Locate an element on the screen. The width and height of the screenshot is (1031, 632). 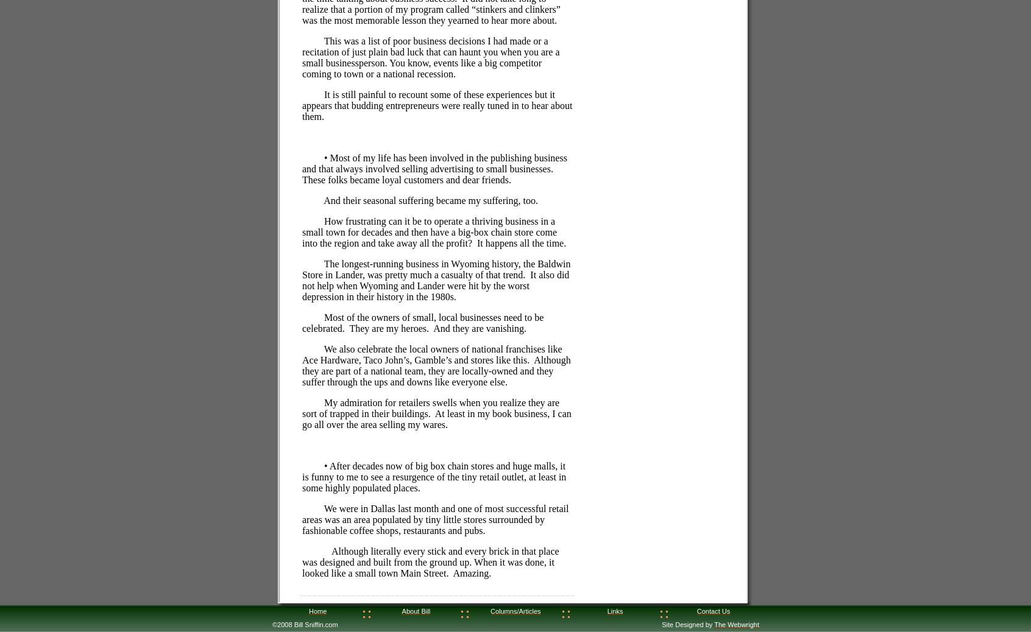
'It
also did not help when Wyoming and Lander were hit by the worst depression in
their history in the 1980s.' is located at coordinates (435, 285).